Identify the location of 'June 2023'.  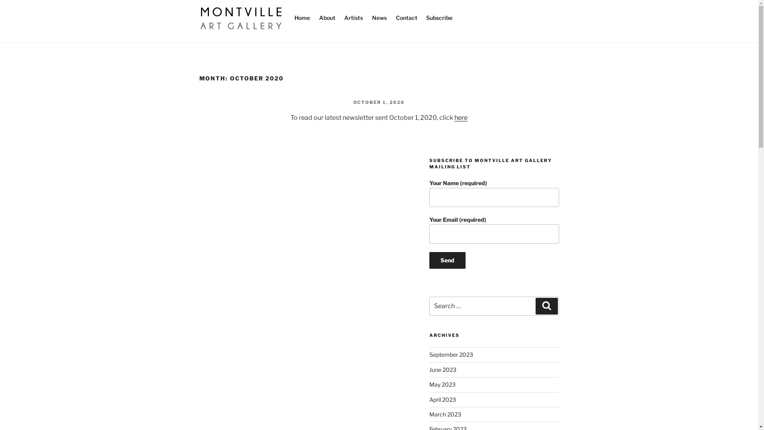
(442, 369).